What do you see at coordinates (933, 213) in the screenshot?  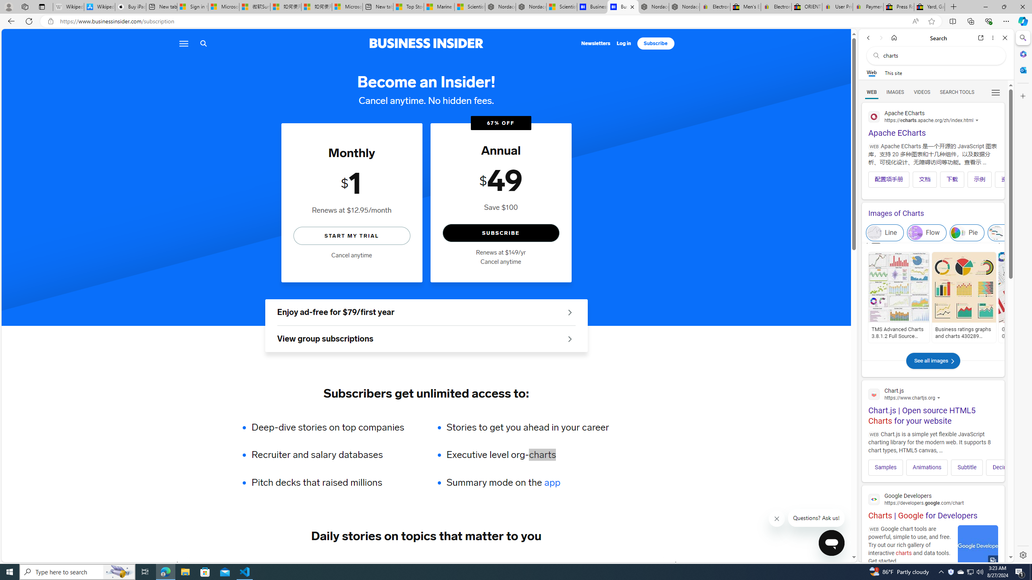 I see `'Images of Charts'` at bounding box center [933, 213].